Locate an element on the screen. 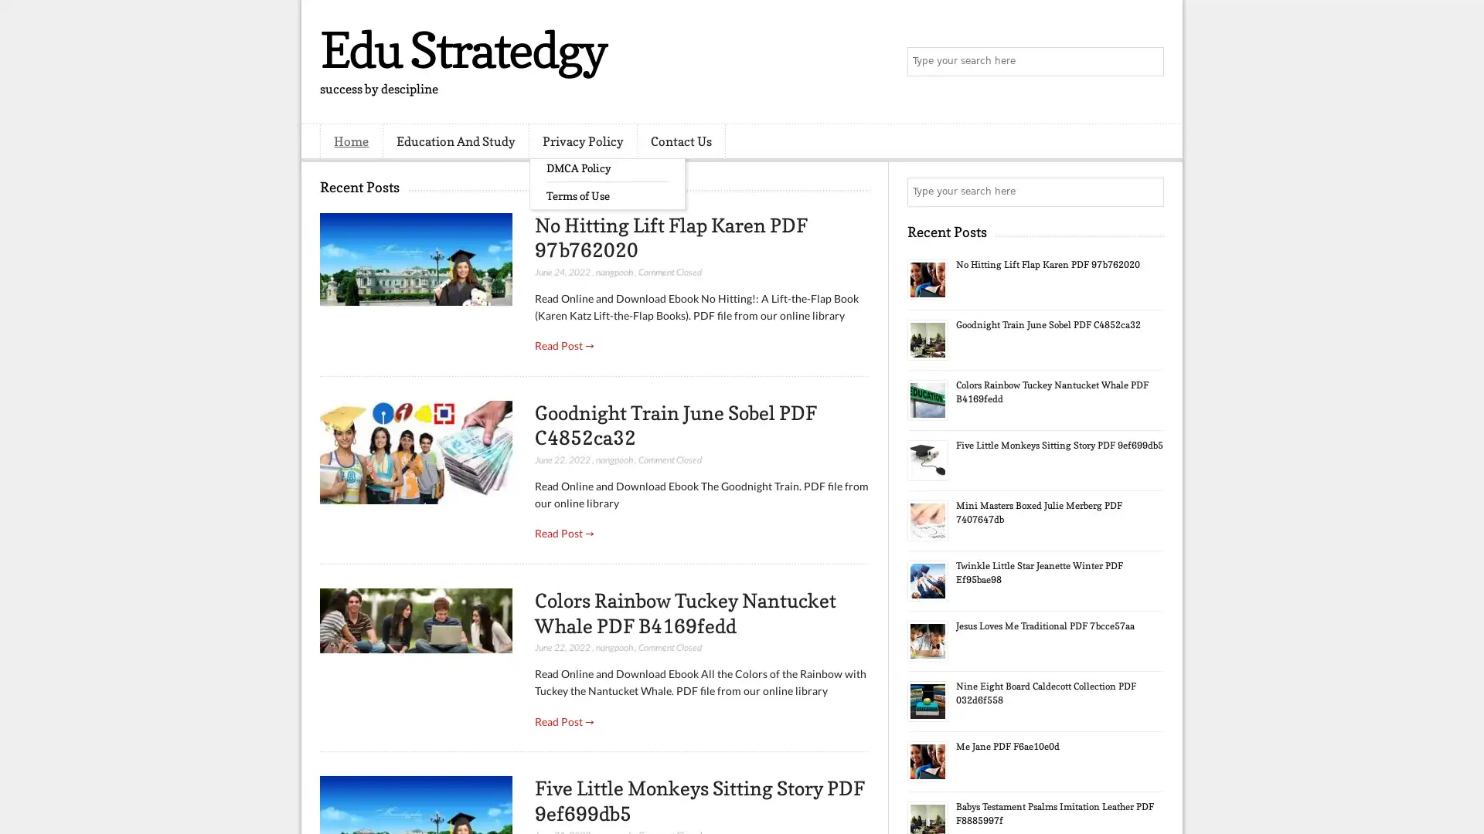 The height and width of the screenshot is (834, 1484). Search is located at coordinates (1148, 192).